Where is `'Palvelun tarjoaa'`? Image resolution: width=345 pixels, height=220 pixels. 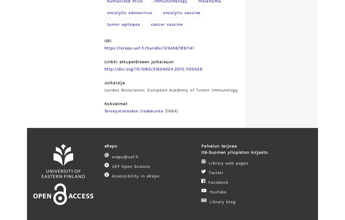
'Palvelun tarjoaa' is located at coordinates (218, 146).